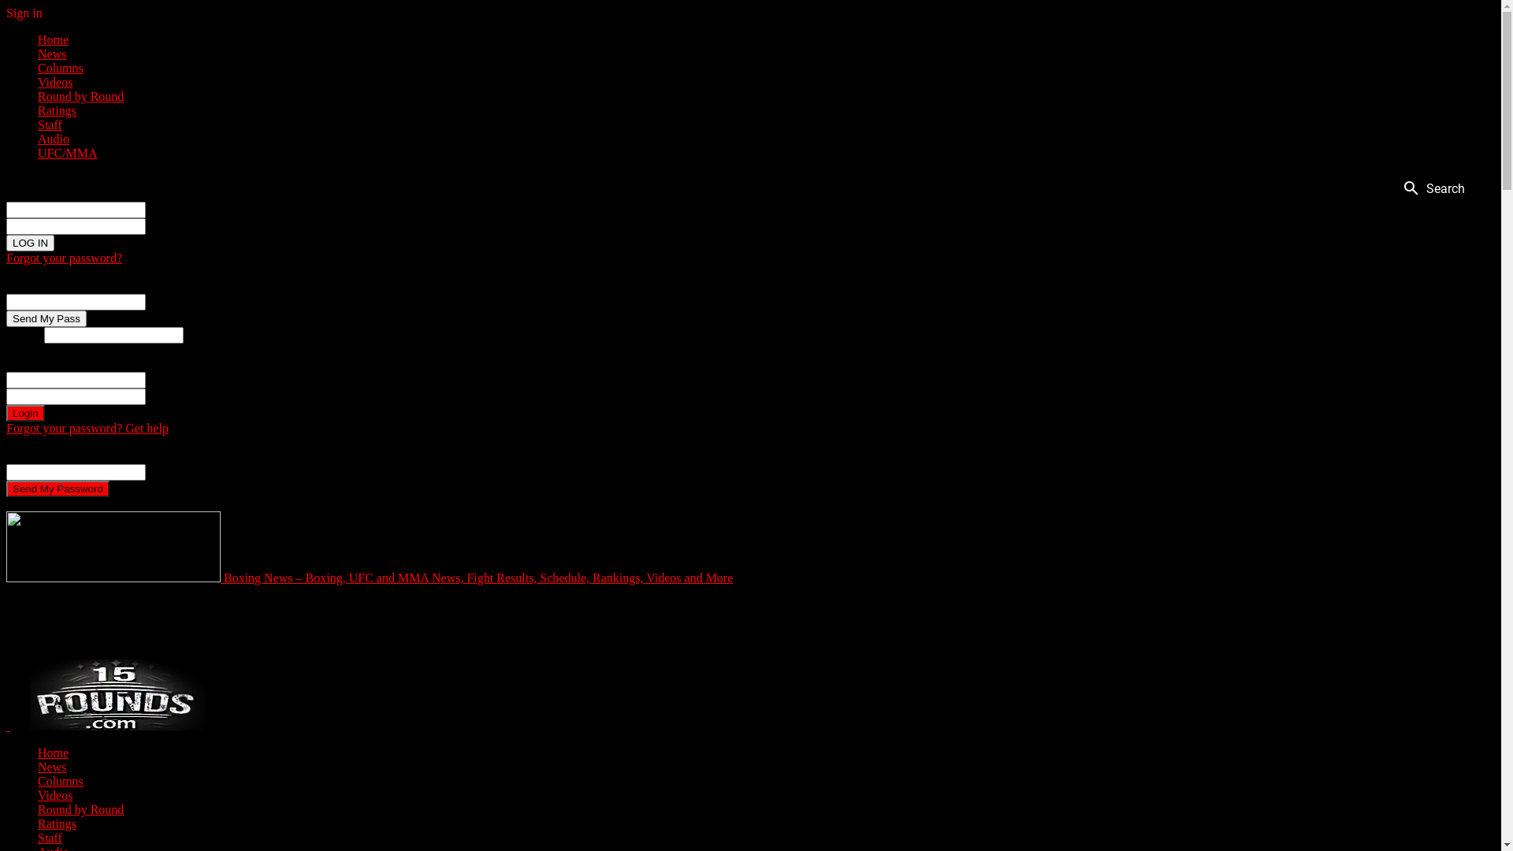 Image resolution: width=1513 pixels, height=851 pixels. I want to click on 'Videos', so click(38, 795).